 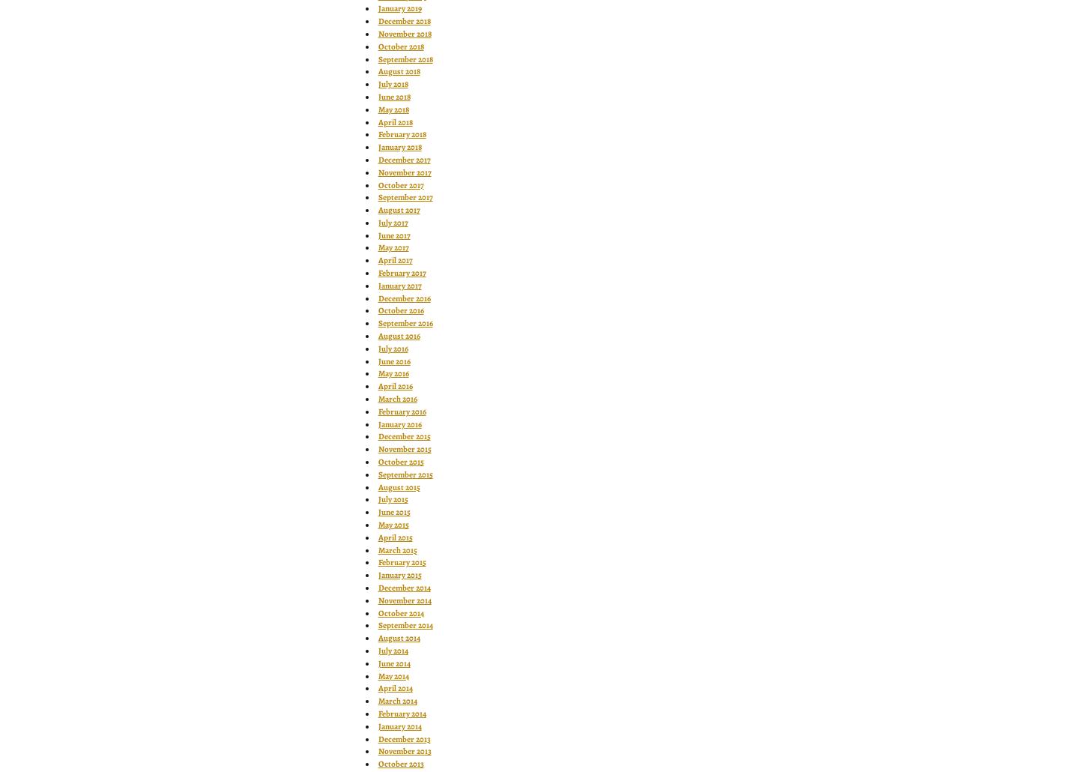 What do you see at coordinates (392, 373) in the screenshot?
I see `'May 2016'` at bounding box center [392, 373].